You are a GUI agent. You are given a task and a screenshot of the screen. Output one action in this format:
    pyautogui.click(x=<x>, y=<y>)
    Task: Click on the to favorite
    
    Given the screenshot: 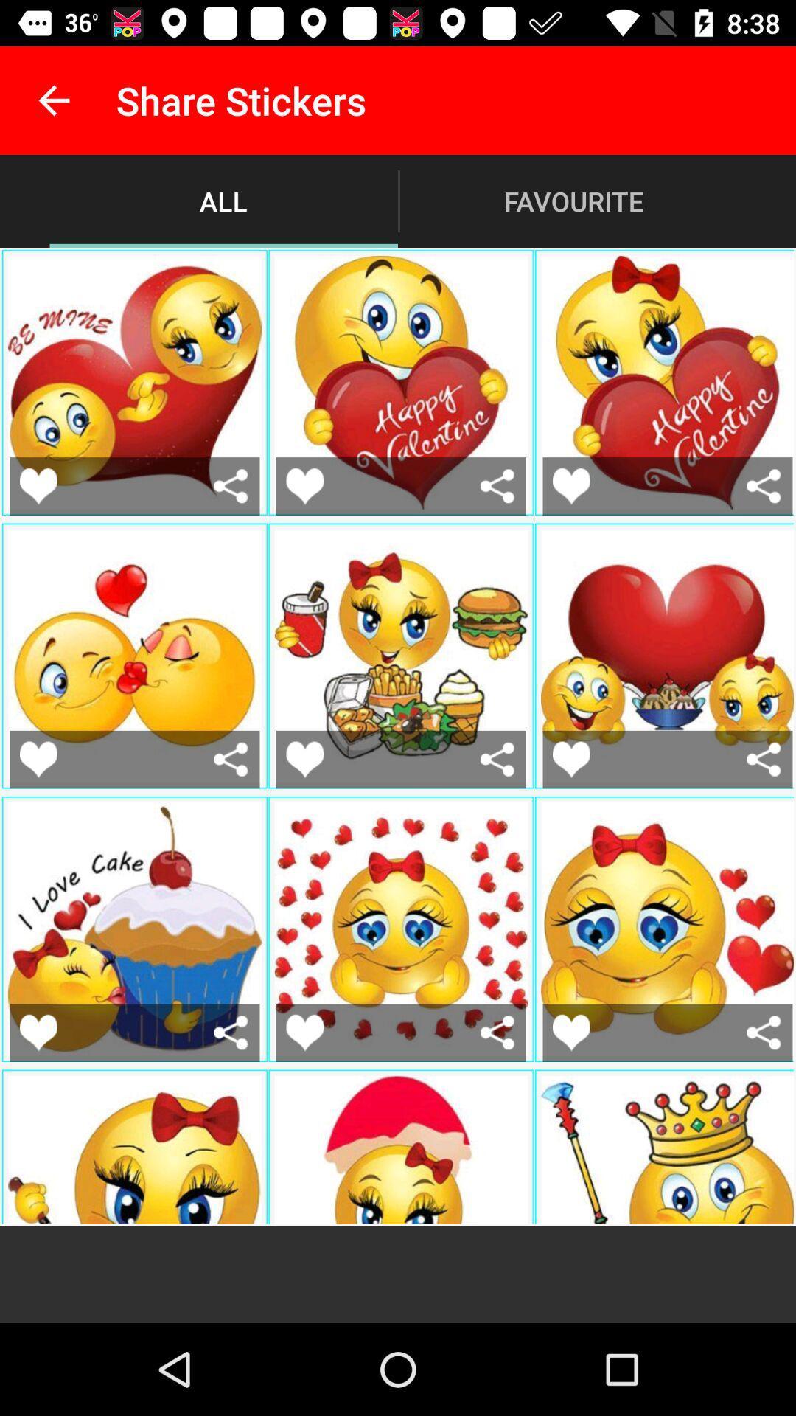 What is the action you would take?
    pyautogui.click(x=231, y=486)
    